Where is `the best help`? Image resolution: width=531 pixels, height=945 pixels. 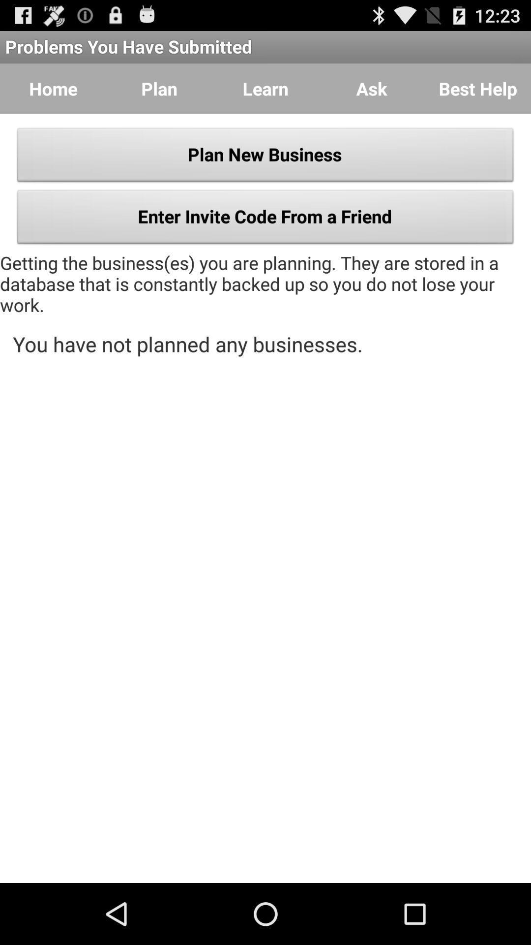
the best help is located at coordinates (477, 89).